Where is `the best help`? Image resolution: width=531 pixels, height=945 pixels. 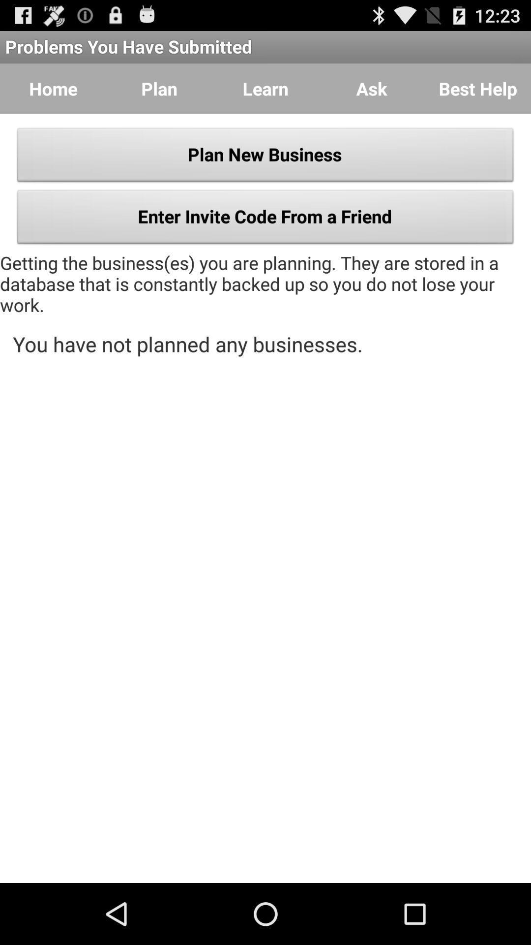
the best help is located at coordinates (477, 89).